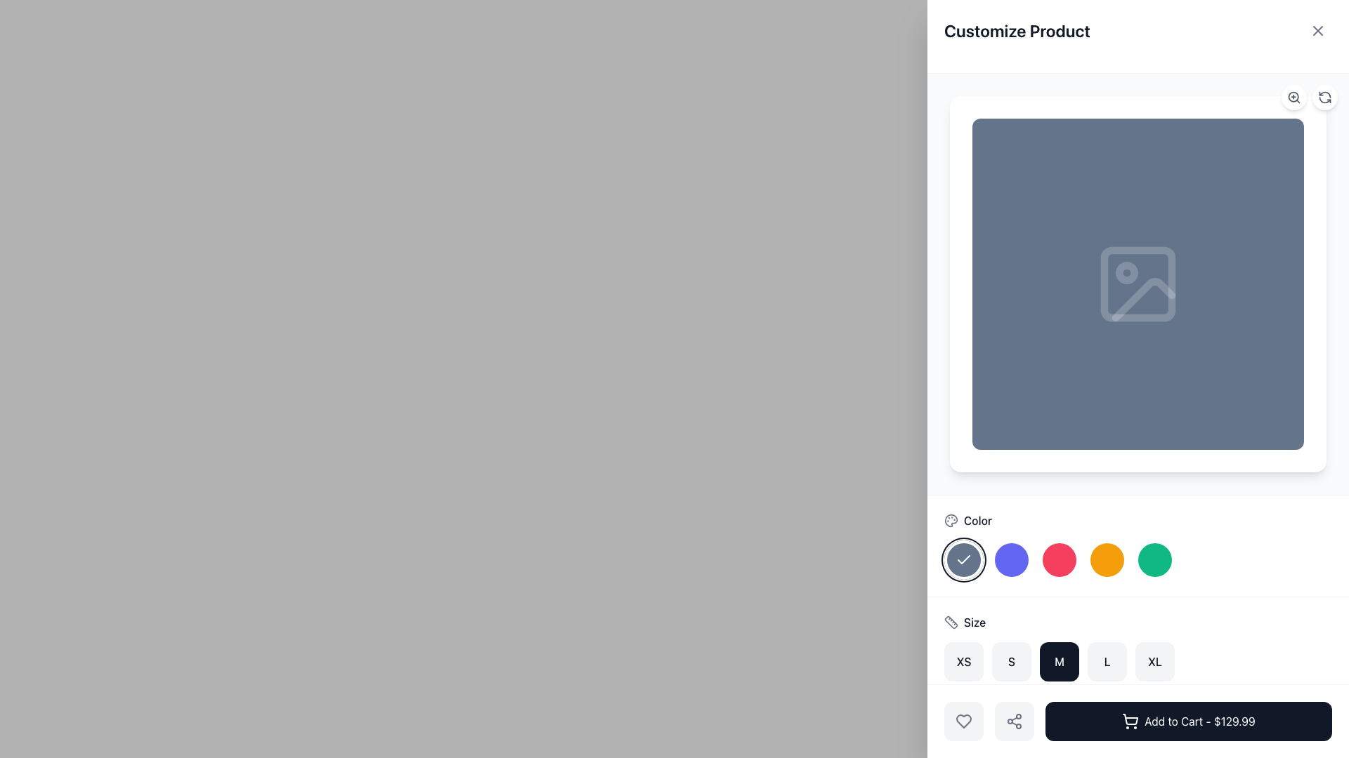  Describe the element at coordinates (1106, 559) in the screenshot. I see `the circular amber button, which is the third from the left in the row of color selection buttons located beneath the product image on the right-hand side of the interface` at that location.